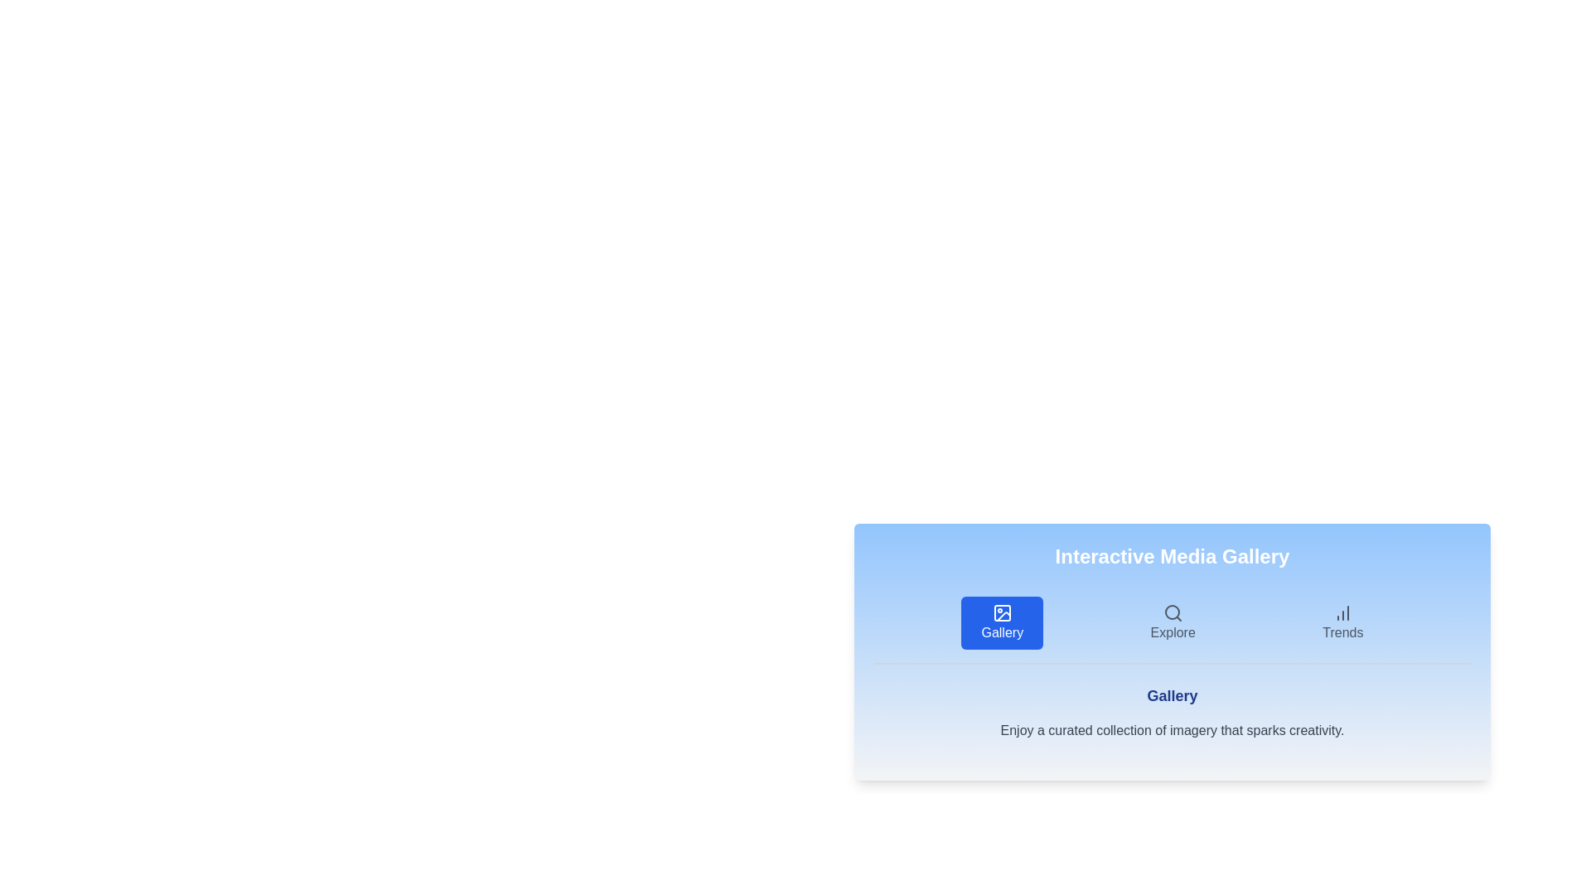 Image resolution: width=1591 pixels, height=895 pixels. Describe the element at coordinates (1342, 623) in the screenshot. I see `the tab labeled Trends to view its content` at that location.